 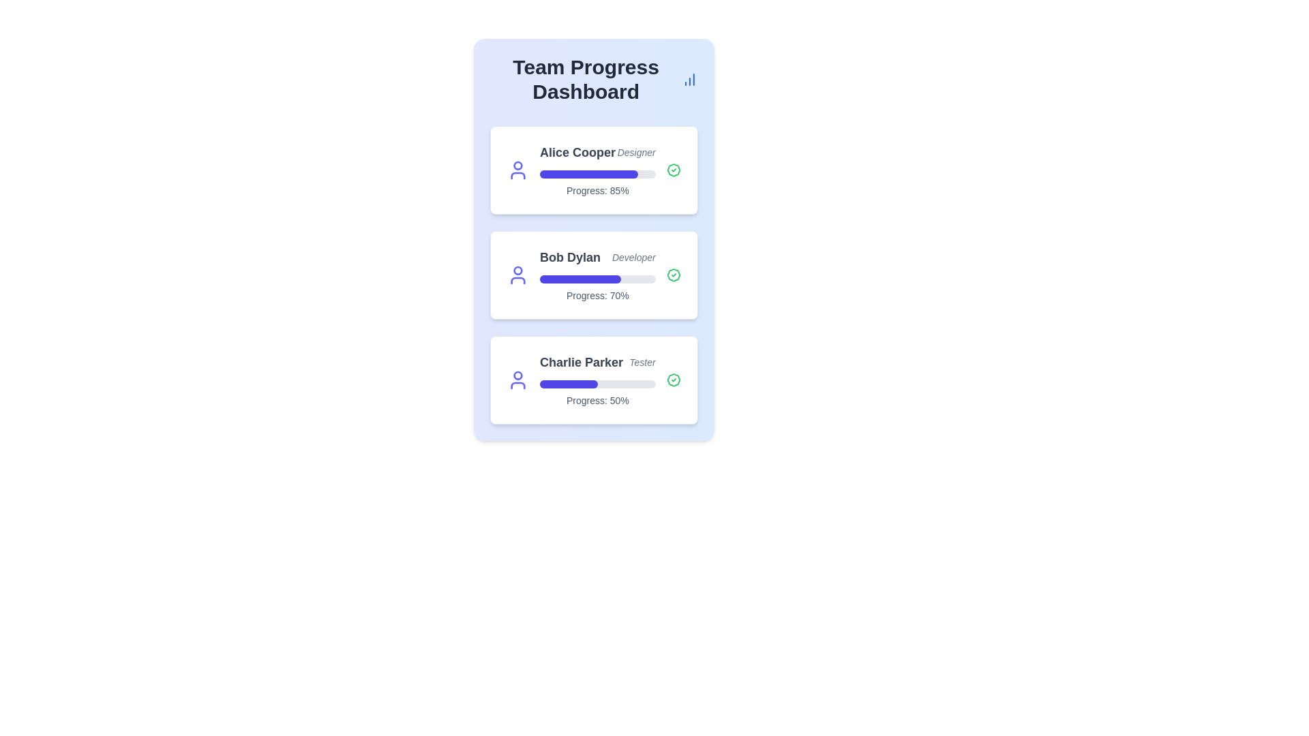 What do you see at coordinates (517, 170) in the screenshot?
I see `the small indigo user icon located at the left side of the card next to the text 'Alice Cooper' at the top of the vertical list in the dashboard` at bounding box center [517, 170].